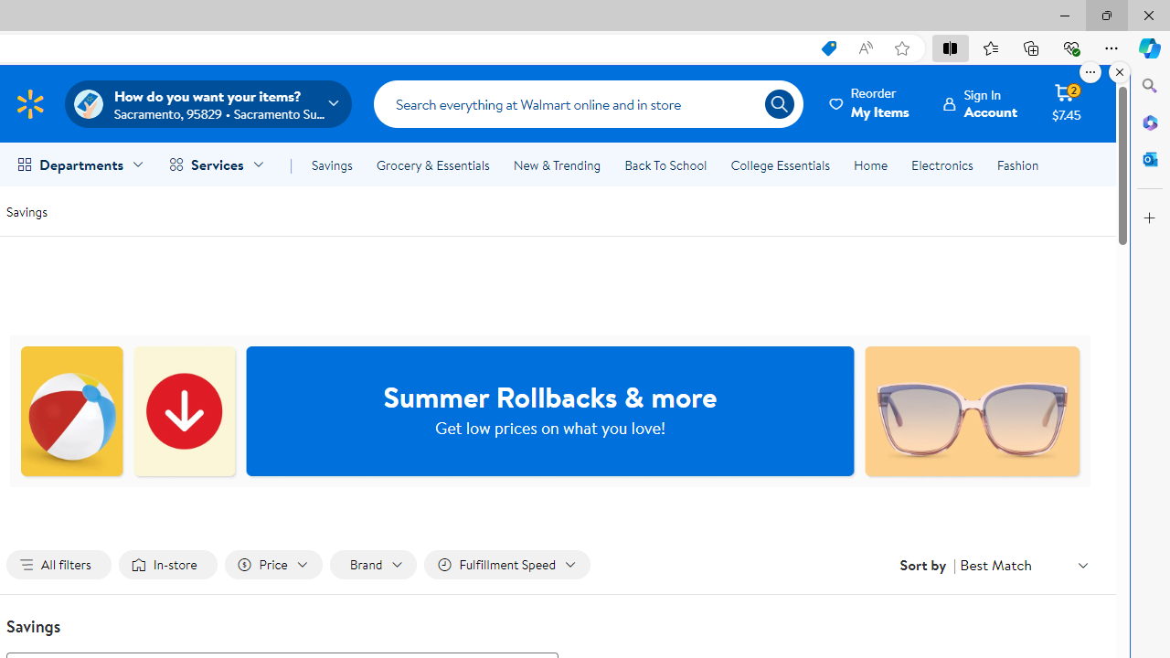  I want to click on 'This site has coupons! Shopping in Microsoft Edge, 7', so click(827, 48).